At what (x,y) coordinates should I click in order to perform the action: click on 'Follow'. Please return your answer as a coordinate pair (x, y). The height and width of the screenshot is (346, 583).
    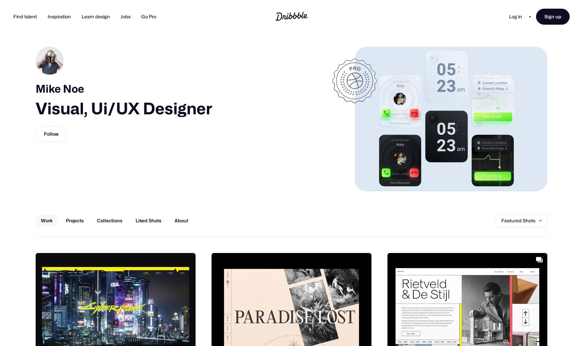
    Looking at the image, I should click on (51, 134).